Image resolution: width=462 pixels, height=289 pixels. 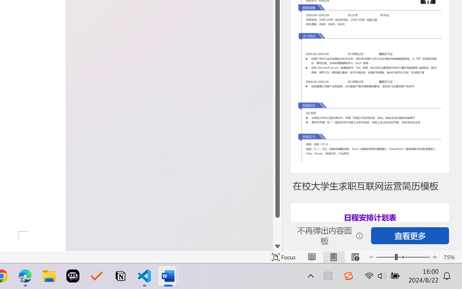 I want to click on 'Focus ', so click(x=283, y=257).